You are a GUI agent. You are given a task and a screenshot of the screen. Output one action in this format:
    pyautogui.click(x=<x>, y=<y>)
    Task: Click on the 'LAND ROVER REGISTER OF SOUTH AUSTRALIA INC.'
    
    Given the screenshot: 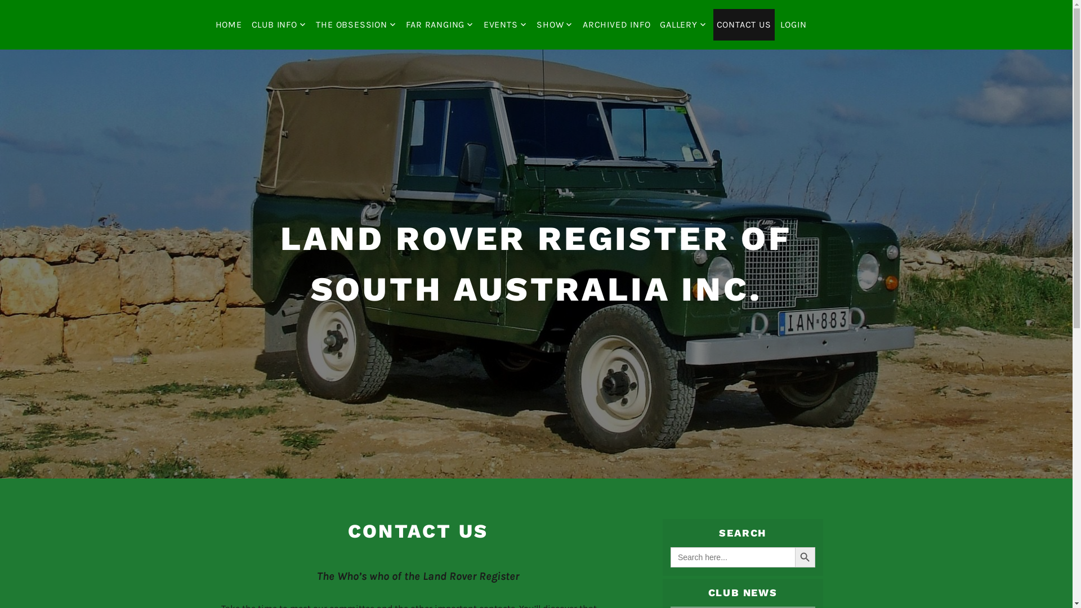 What is the action you would take?
    pyautogui.click(x=535, y=263)
    